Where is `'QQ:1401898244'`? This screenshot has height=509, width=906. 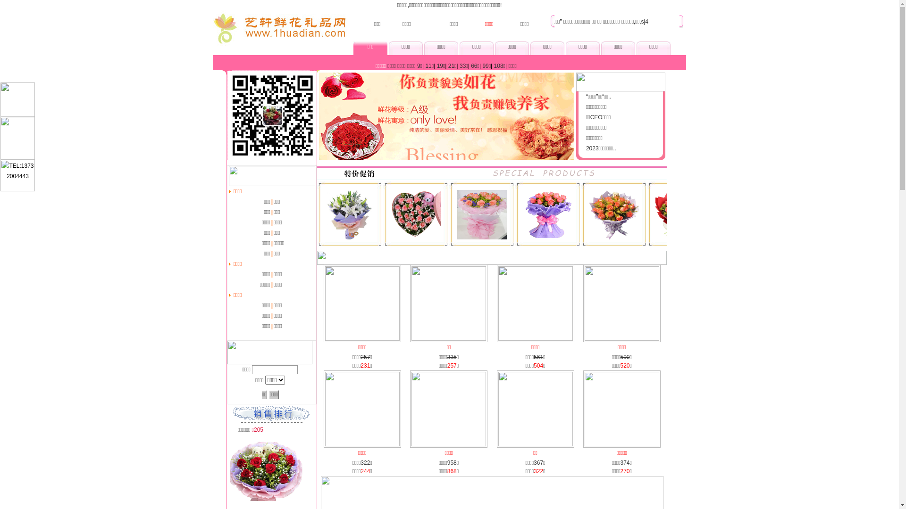
'QQ:1401898244' is located at coordinates (17, 114).